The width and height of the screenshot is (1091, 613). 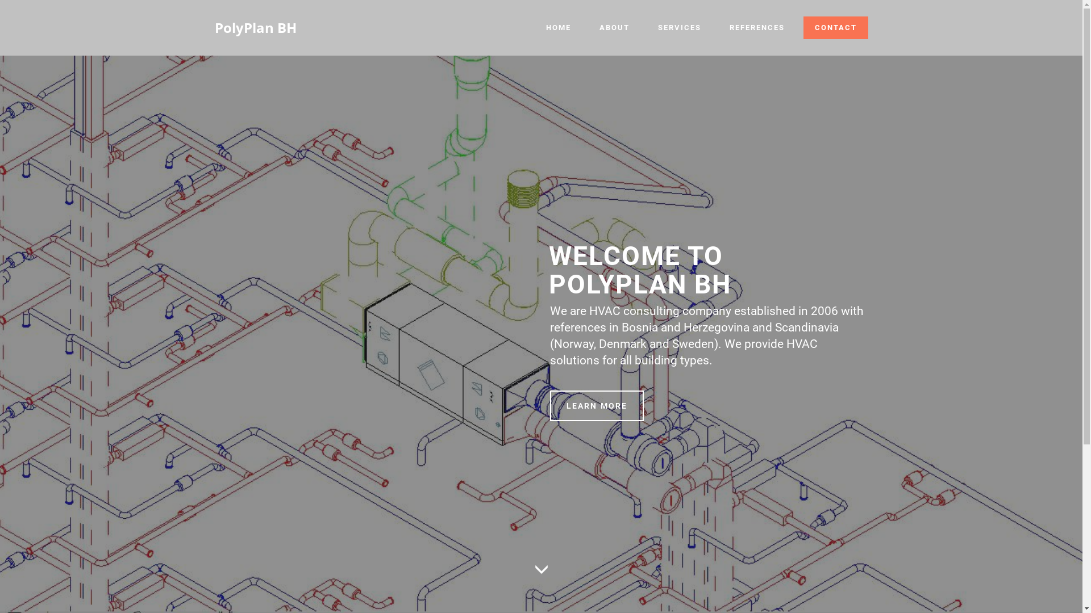 What do you see at coordinates (550, 405) in the screenshot?
I see `'LEARN MORE'` at bounding box center [550, 405].